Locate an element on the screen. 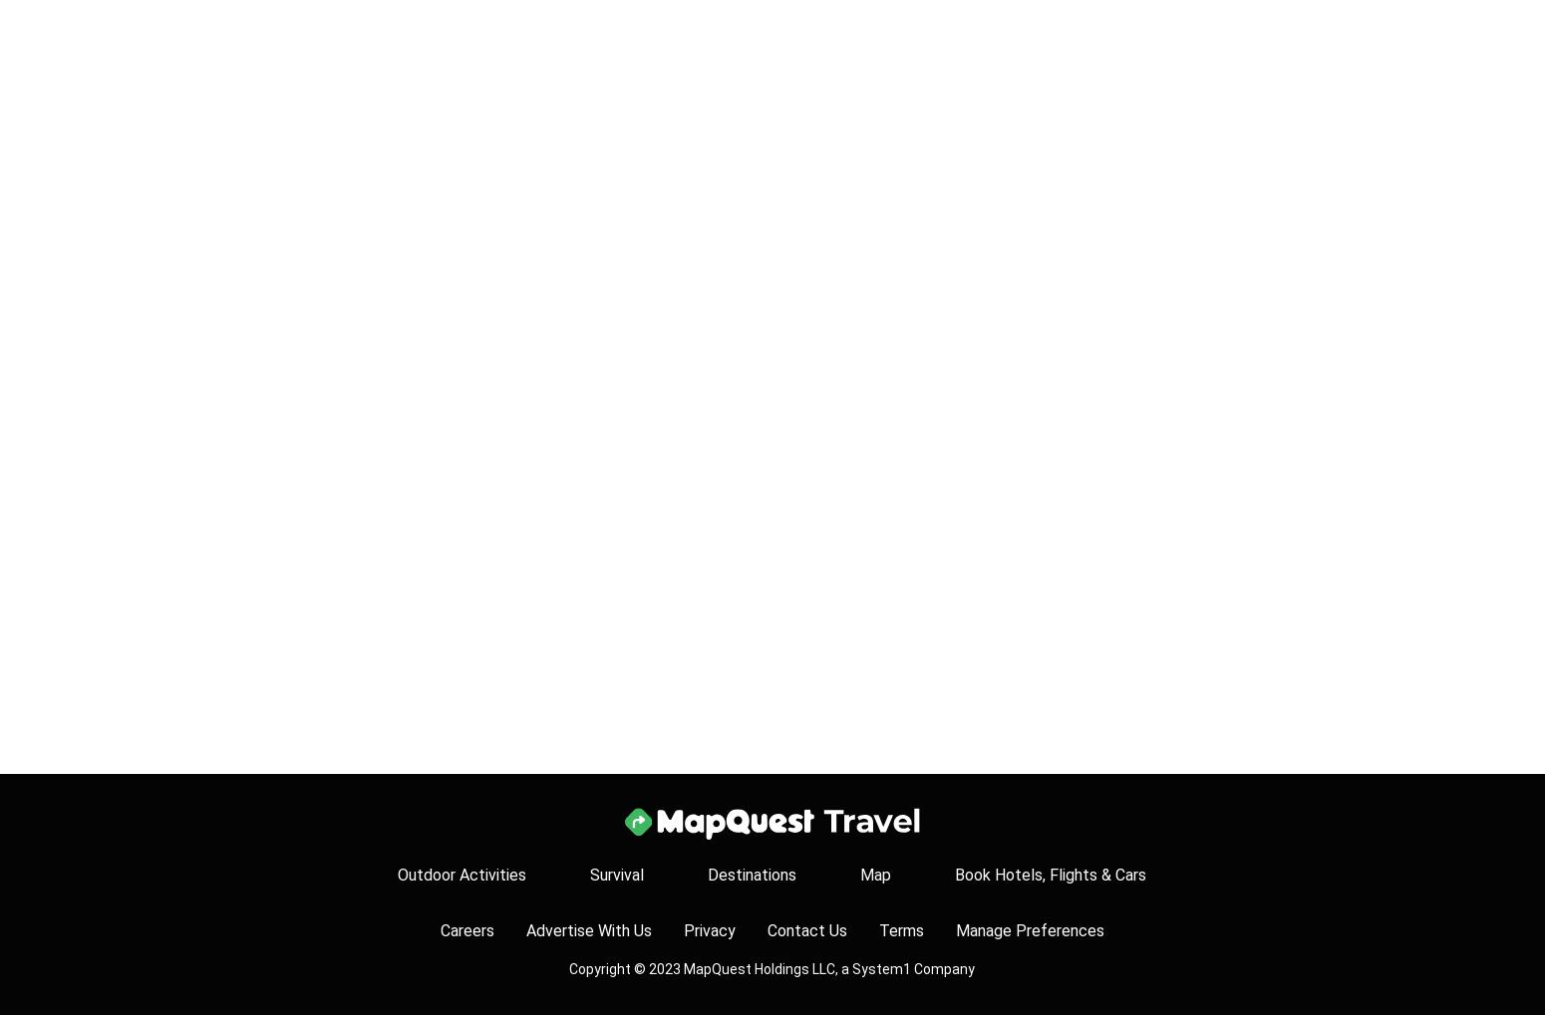 Image resolution: width=1545 pixels, height=1015 pixels. 'Copyright © 2023 MapQuest Holdings LLC, a' is located at coordinates (711, 968).